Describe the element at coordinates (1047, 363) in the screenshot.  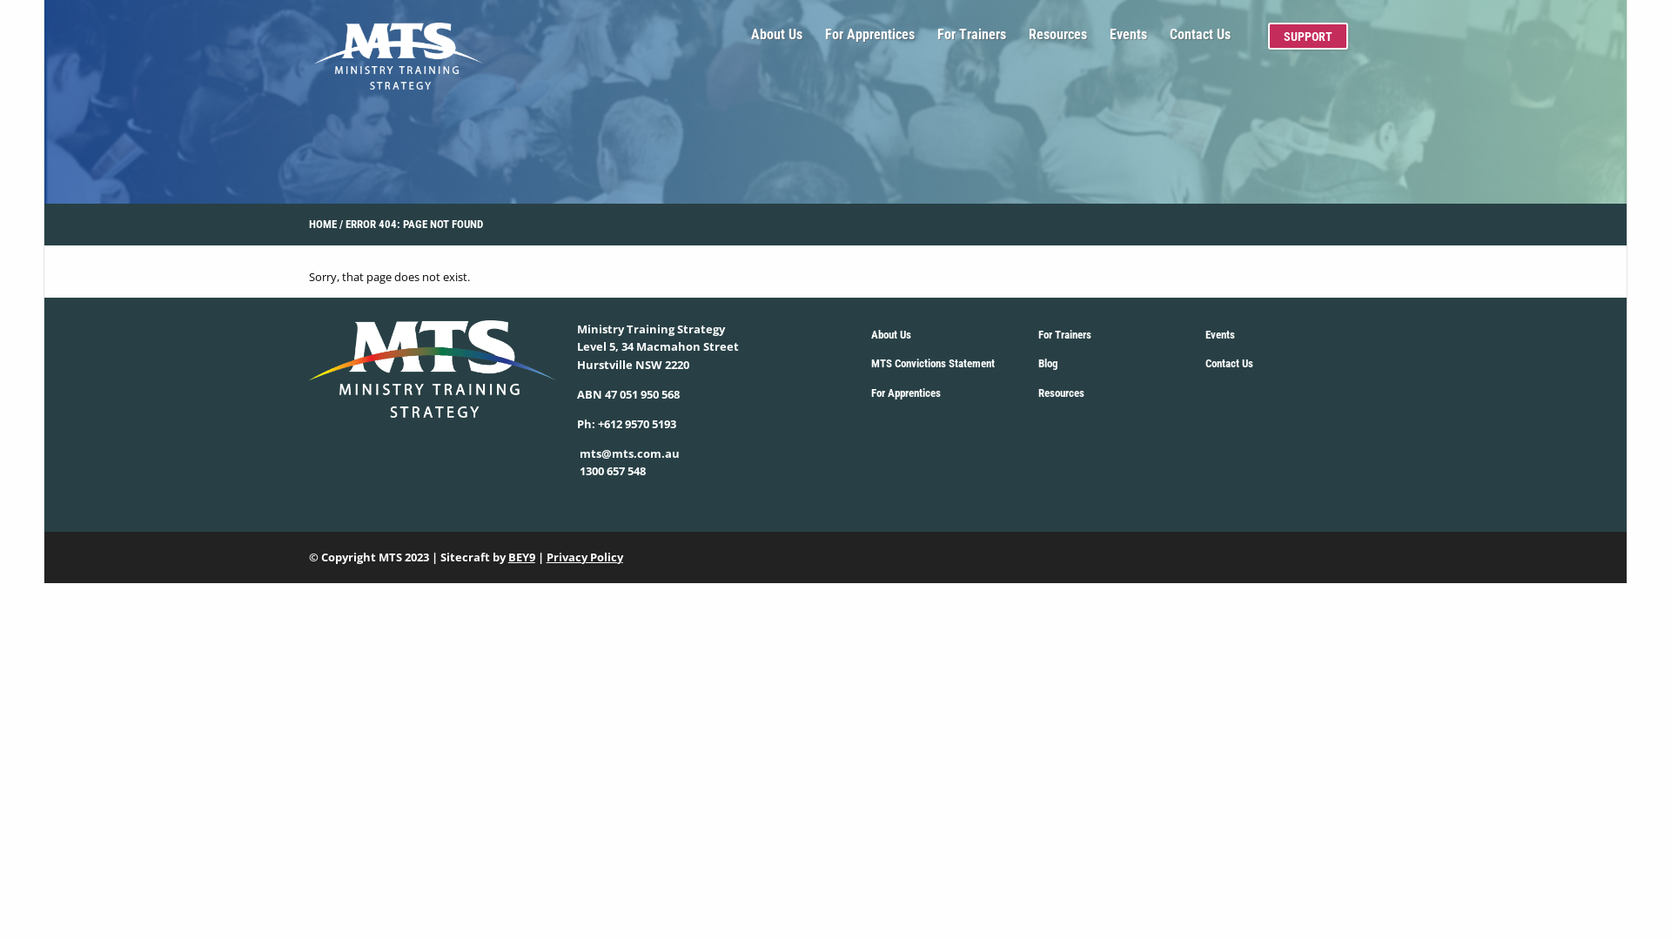
I see `'Blog'` at that location.